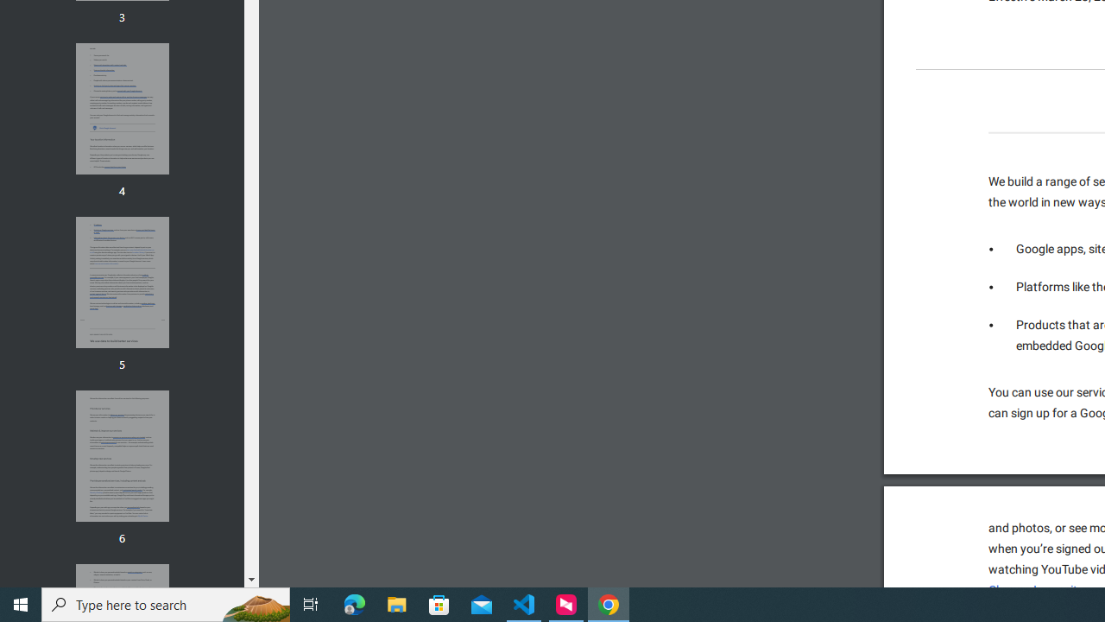  I want to click on 'Thumbnail for page 4', so click(121, 109).